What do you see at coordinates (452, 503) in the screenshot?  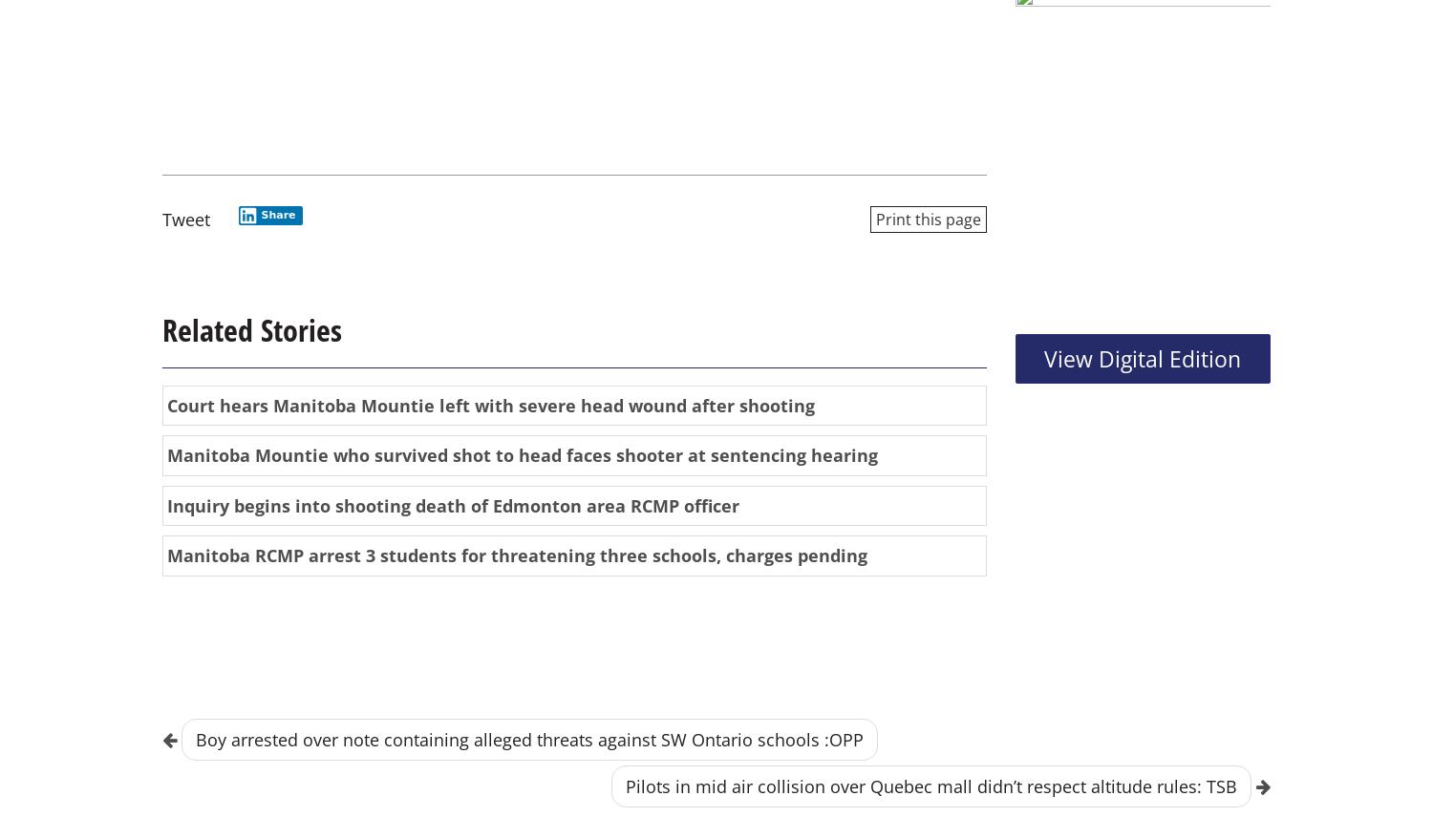 I see `'Inquiry begins into shooting death of Edmonton area RCMP officer'` at bounding box center [452, 503].